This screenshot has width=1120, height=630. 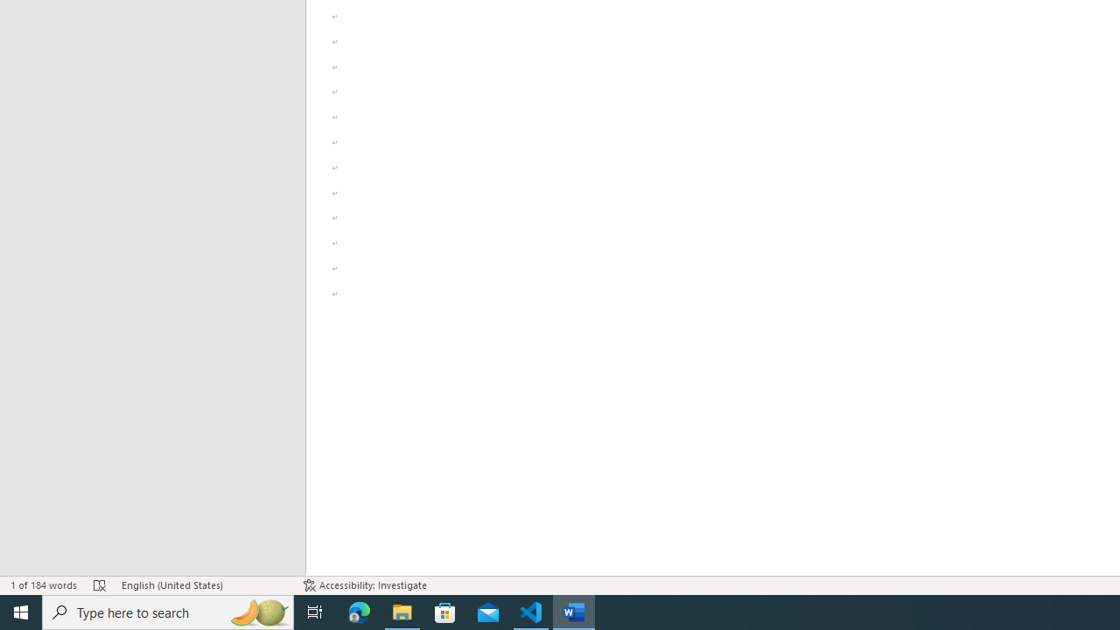 What do you see at coordinates (99, 585) in the screenshot?
I see `'Spelling and Grammar Check Errors'` at bounding box center [99, 585].